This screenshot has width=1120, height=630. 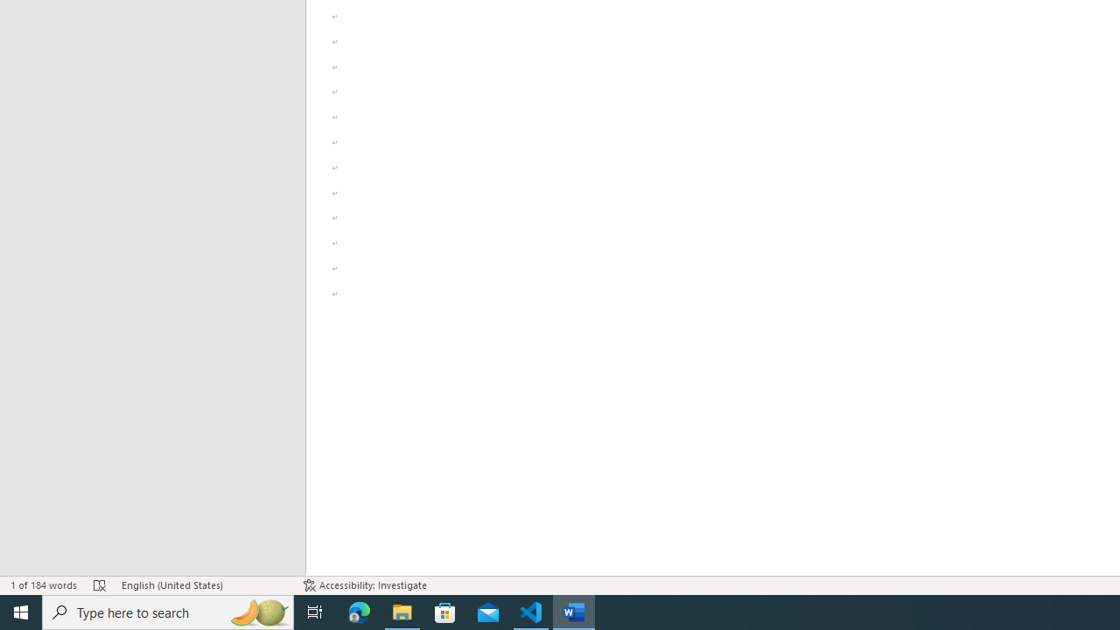 What do you see at coordinates (99, 585) in the screenshot?
I see `'Spelling and Grammar Check Errors'` at bounding box center [99, 585].